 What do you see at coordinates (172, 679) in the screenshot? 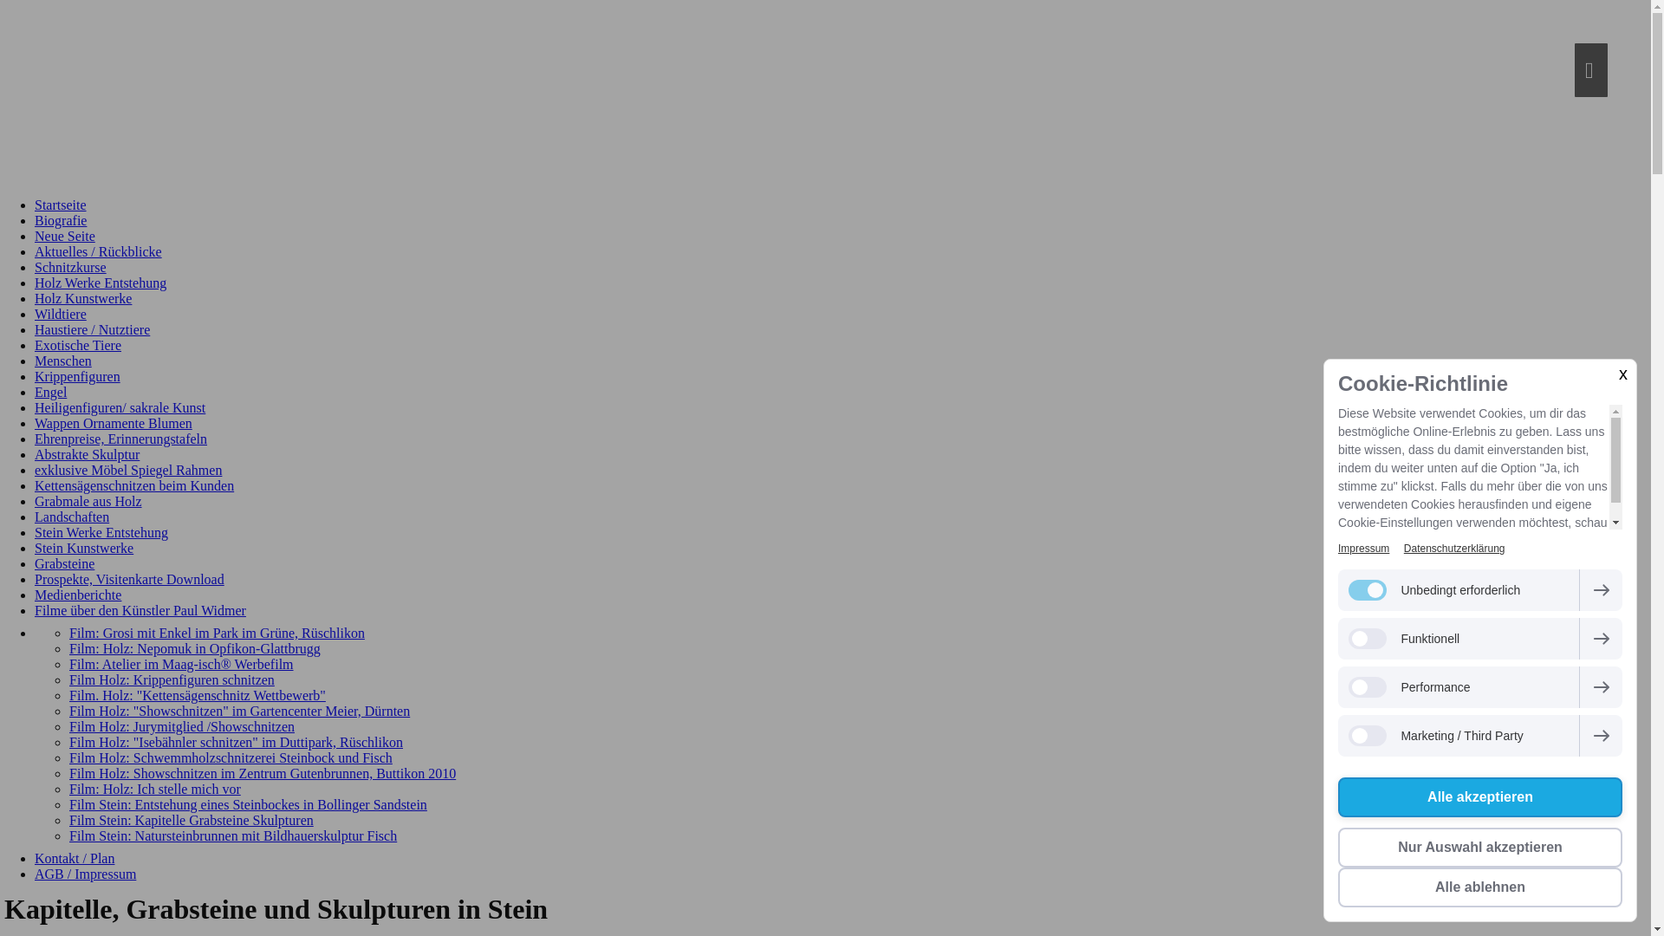
I see `'Film Holz: Krippenfiguren schnitzen'` at bounding box center [172, 679].